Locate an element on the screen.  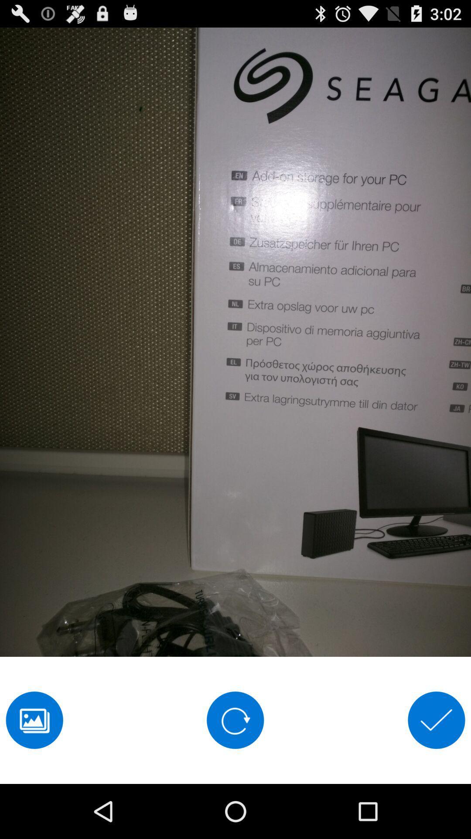
the refresh icon is located at coordinates (235, 770).